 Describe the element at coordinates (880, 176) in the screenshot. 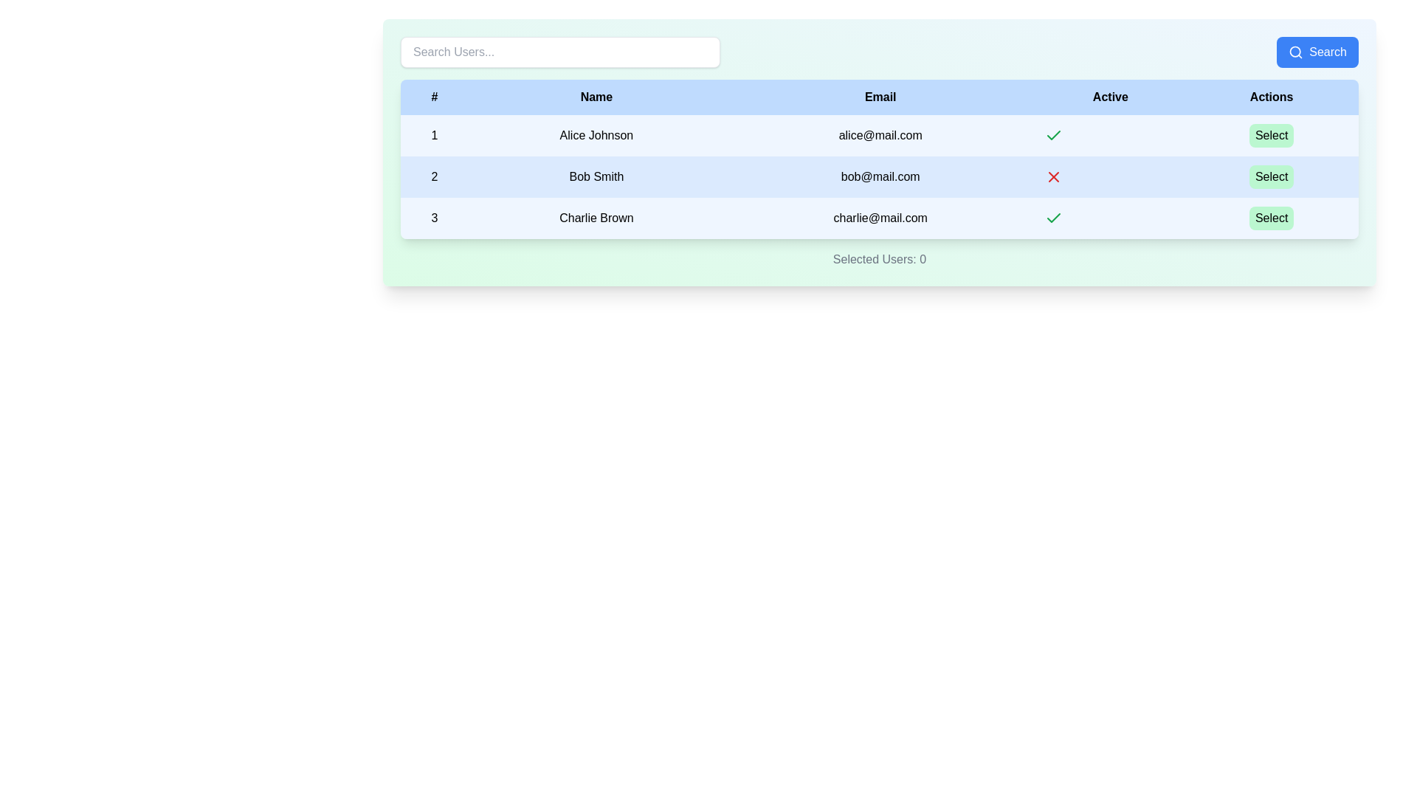

I see `the email address displayed in the third column of the second row, which is associated with 'Bob Smith' in the second column` at that location.